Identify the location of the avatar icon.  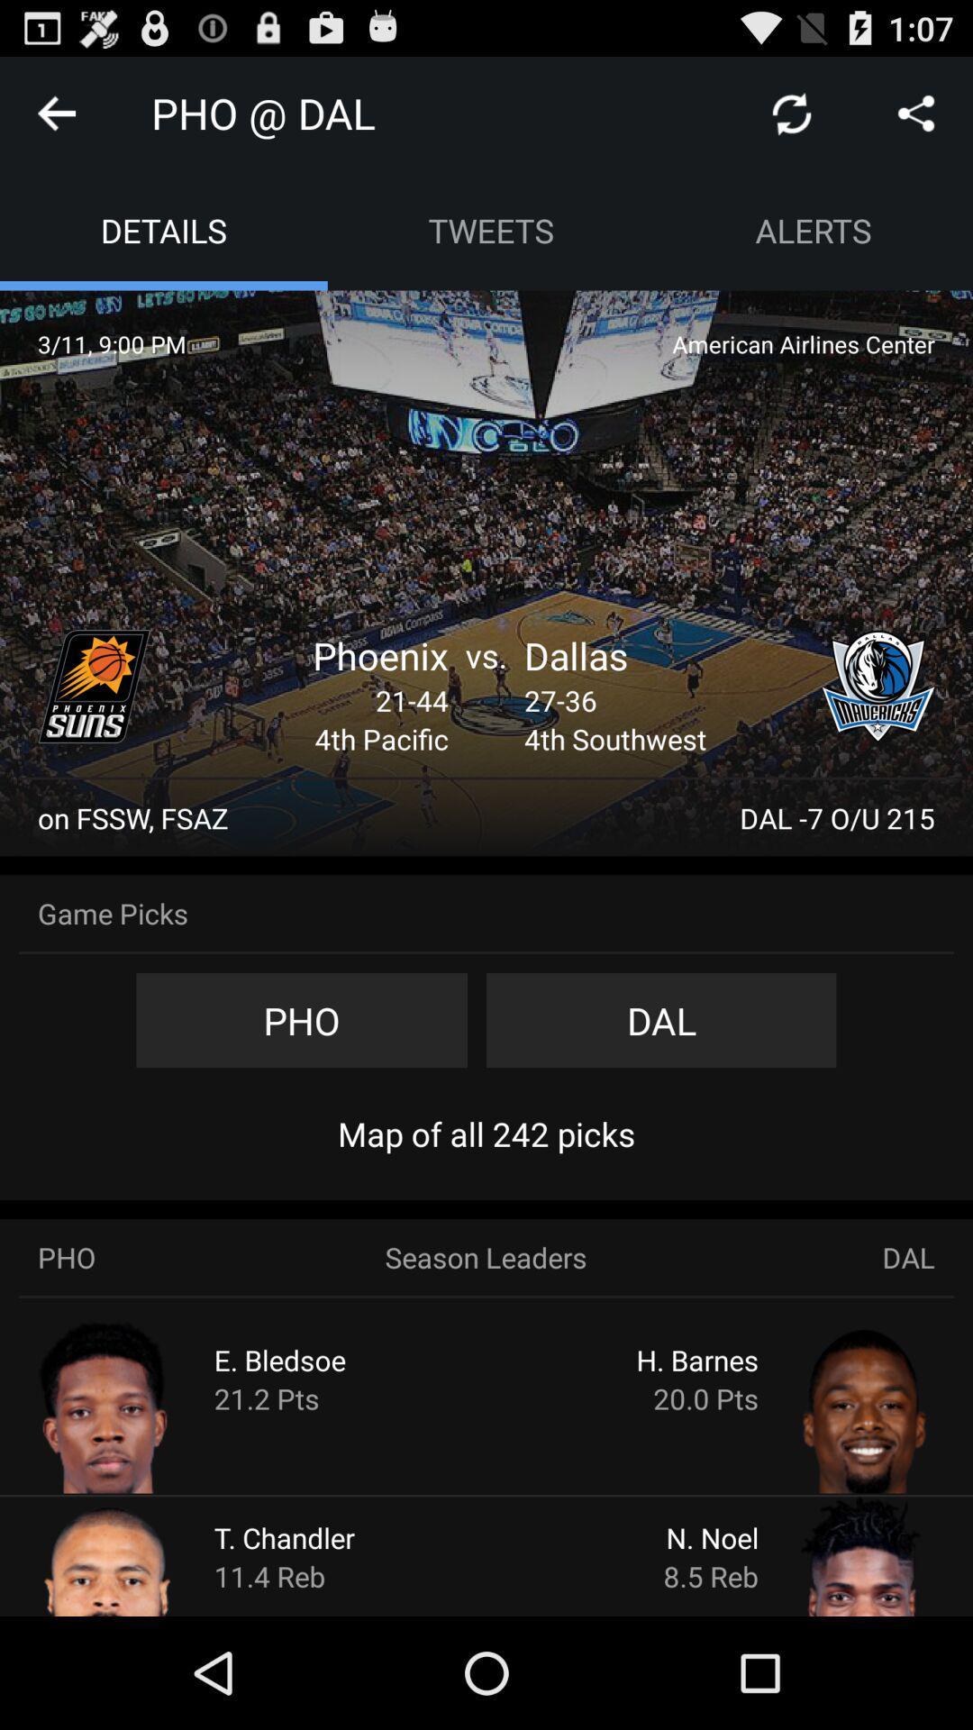
(141, 1663).